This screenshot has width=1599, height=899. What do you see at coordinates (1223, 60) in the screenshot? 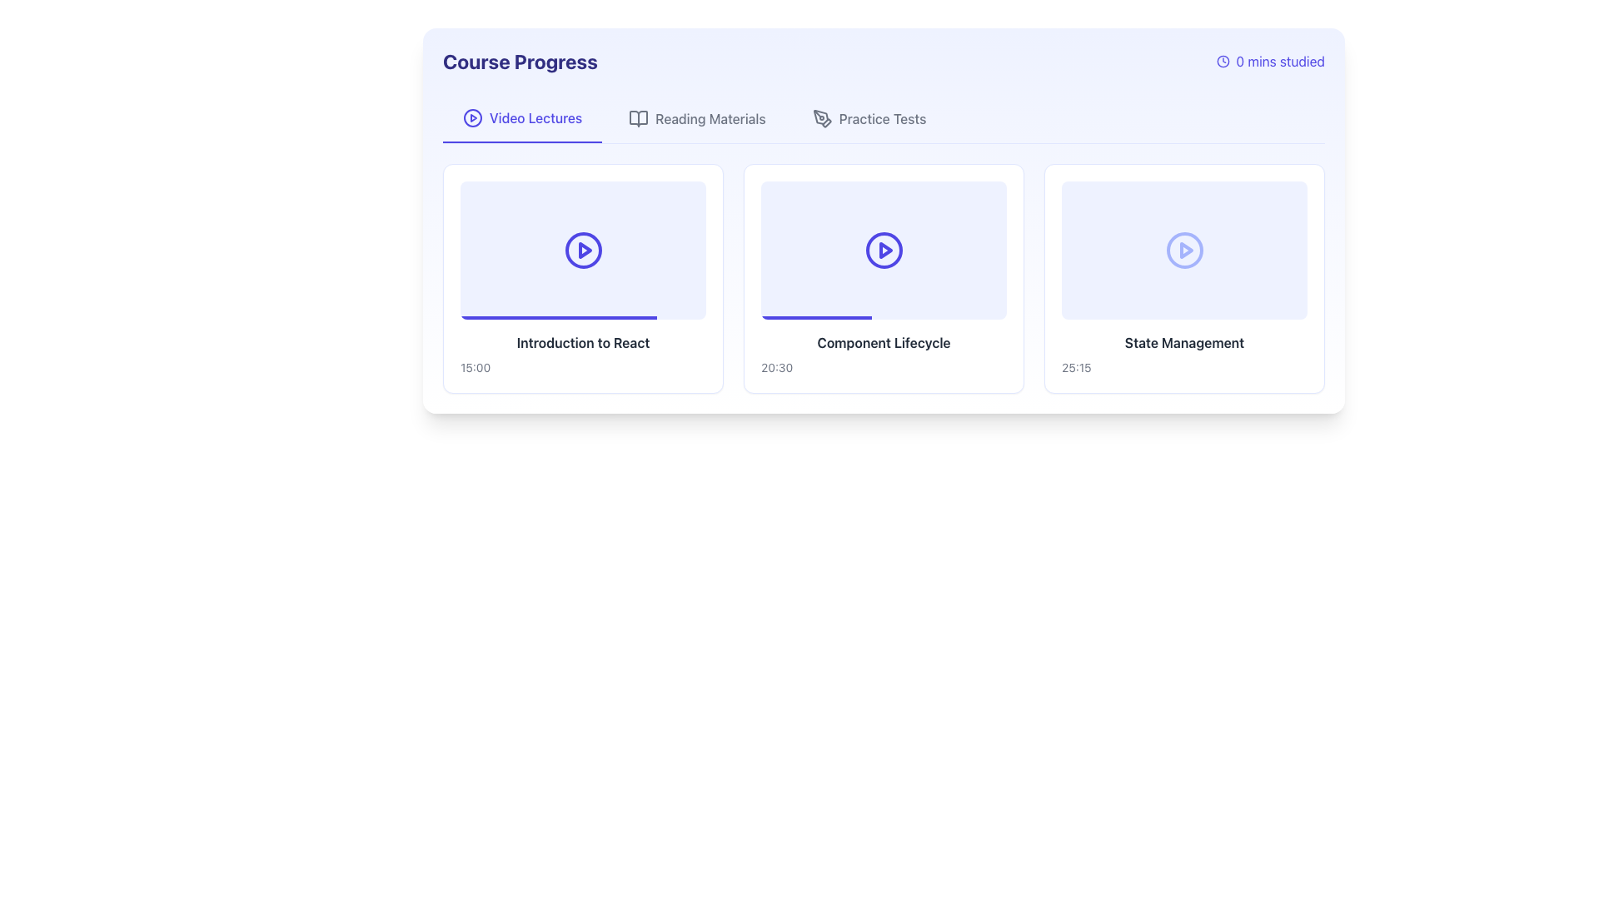
I see `the time icon located to the left of the text '0 mins studied'` at bounding box center [1223, 60].